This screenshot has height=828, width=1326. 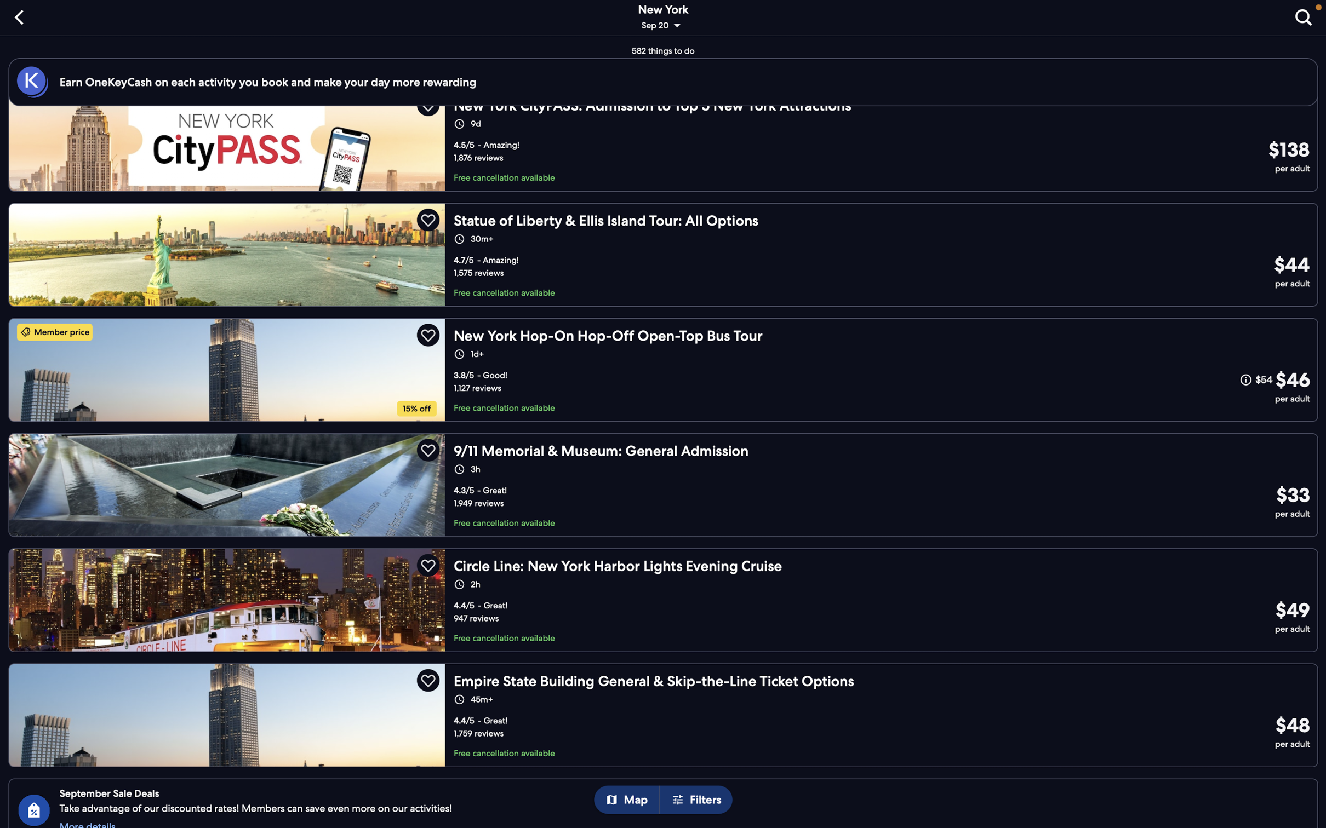 What do you see at coordinates (664, 19) in the screenshot?
I see `the "change date or location" button to update tour information` at bounding box center [664, 19].